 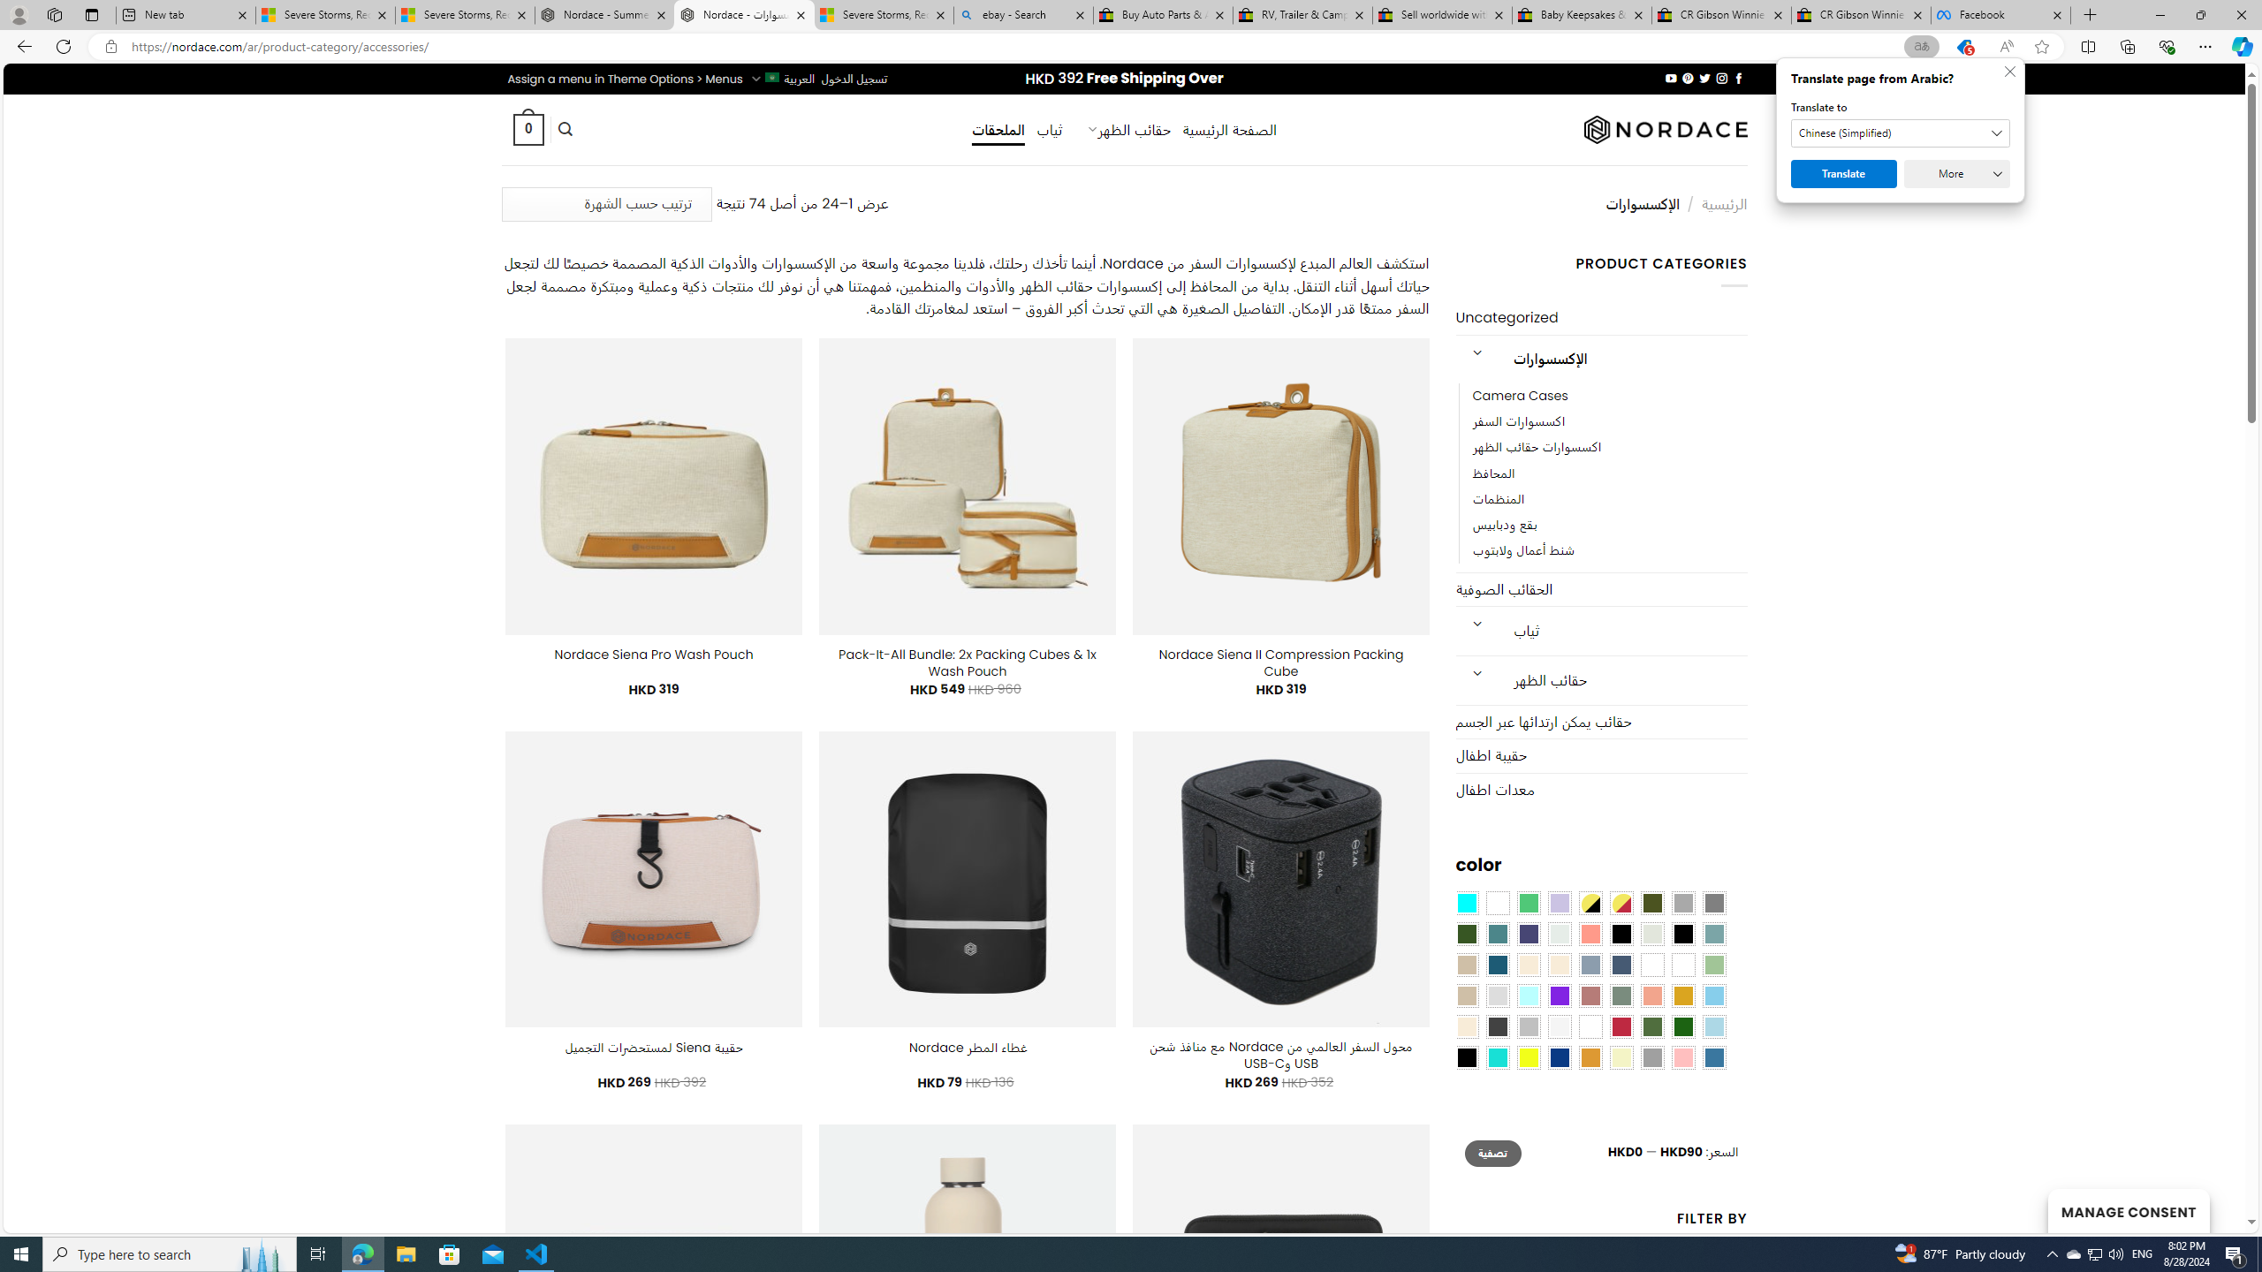 What do you see at coordinates (1670, 78) in the screenshot?
I see `'Follow on YouTube'` at bounding box center [1670, 78].